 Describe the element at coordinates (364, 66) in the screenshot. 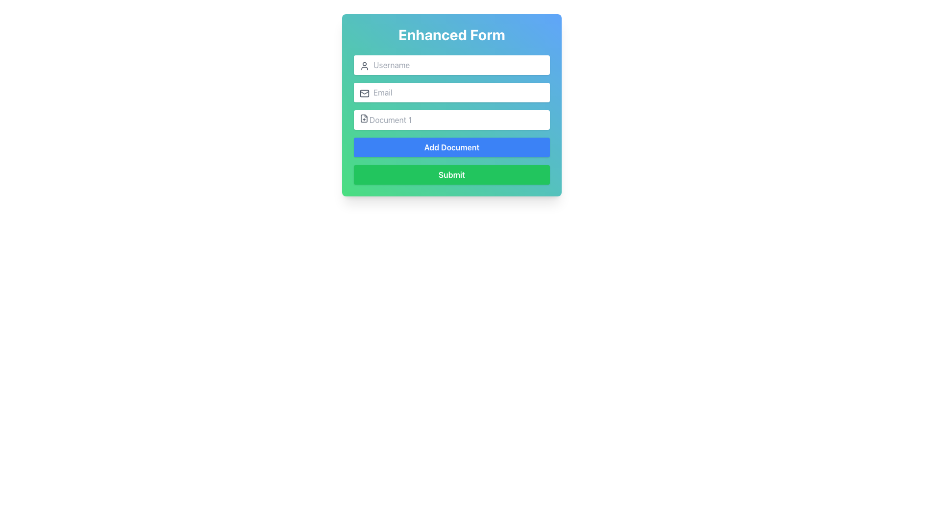

I see `the user icon located on the far-left side of the 'Username' input field, indicating that the field is for entering username information` at that location.